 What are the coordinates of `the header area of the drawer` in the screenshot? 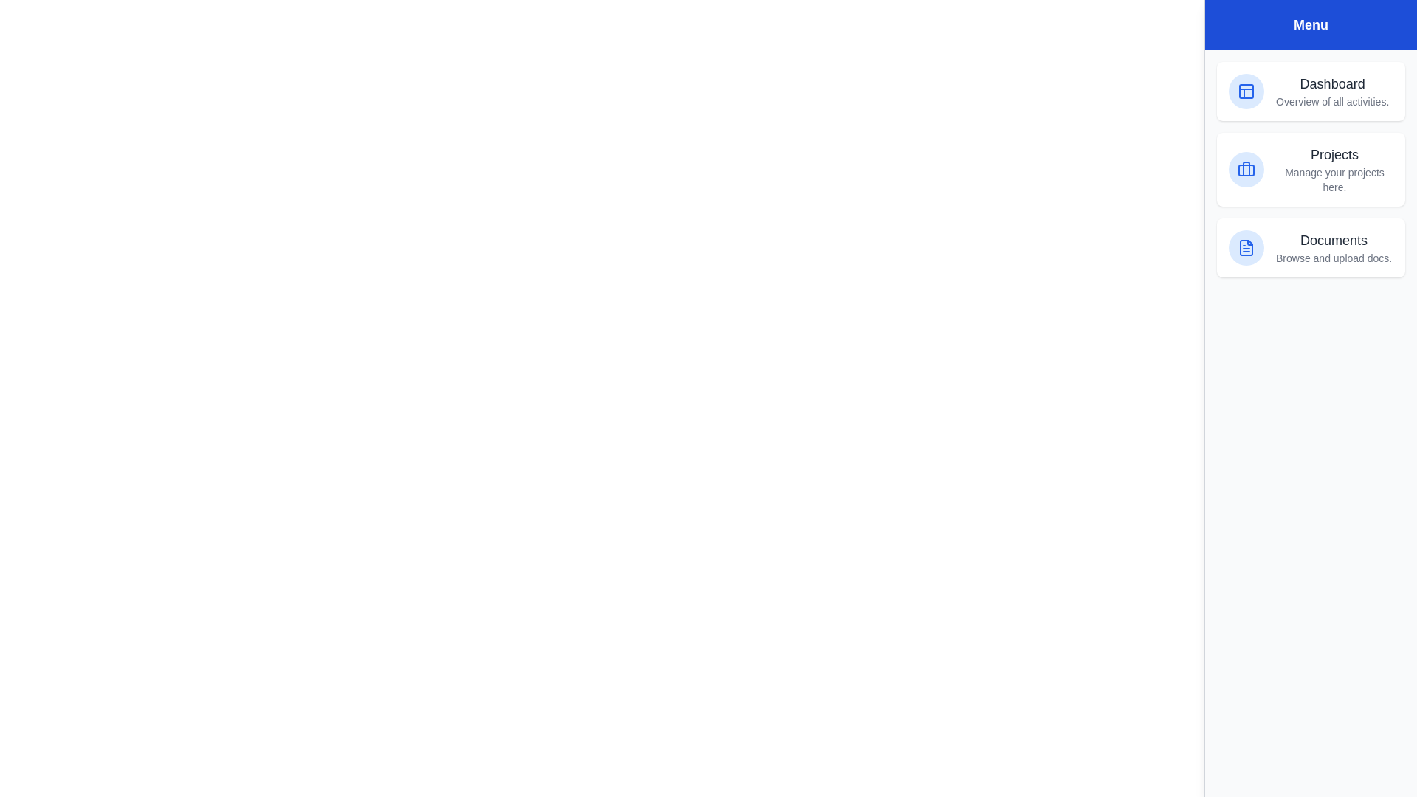 It's located at (1311, 25).